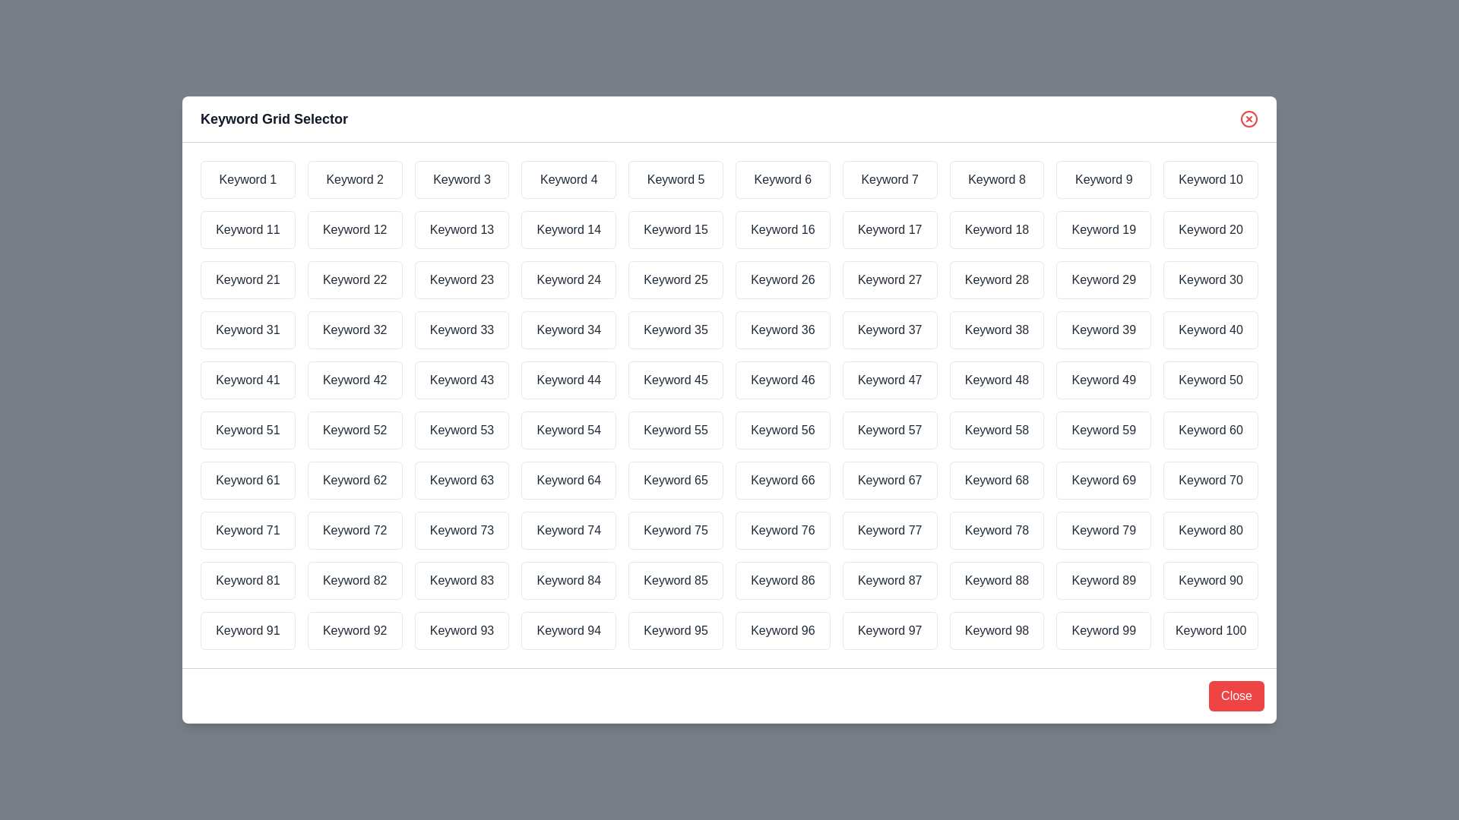  Describe the element at coordinates (1236, 696) in the screenshot. I see `the 'Close' button to close the dialog` at that location.